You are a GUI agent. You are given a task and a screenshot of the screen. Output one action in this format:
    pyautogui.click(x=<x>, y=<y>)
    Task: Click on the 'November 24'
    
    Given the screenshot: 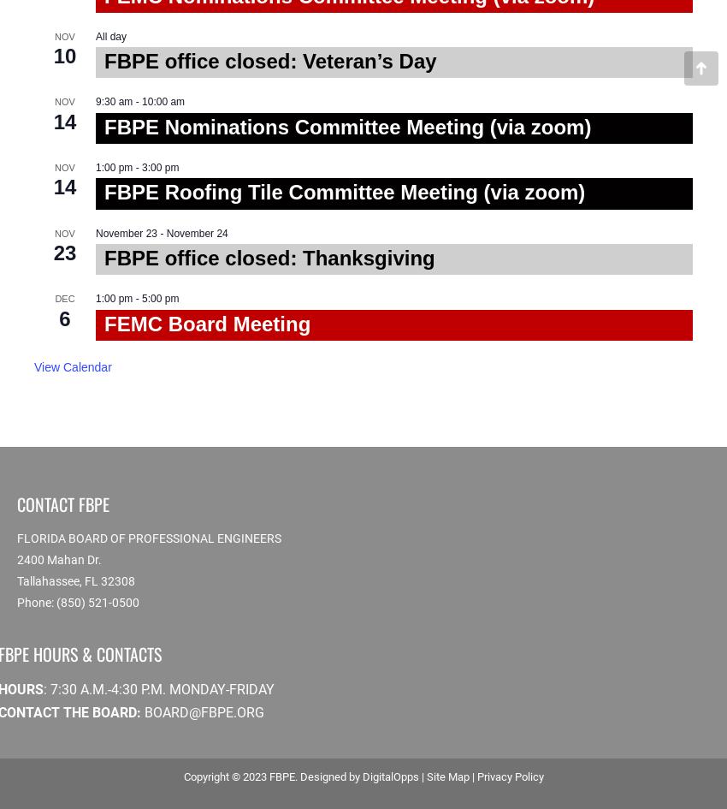 What is the action you would take?
    pyautogui.click(x=197, y=232)
    